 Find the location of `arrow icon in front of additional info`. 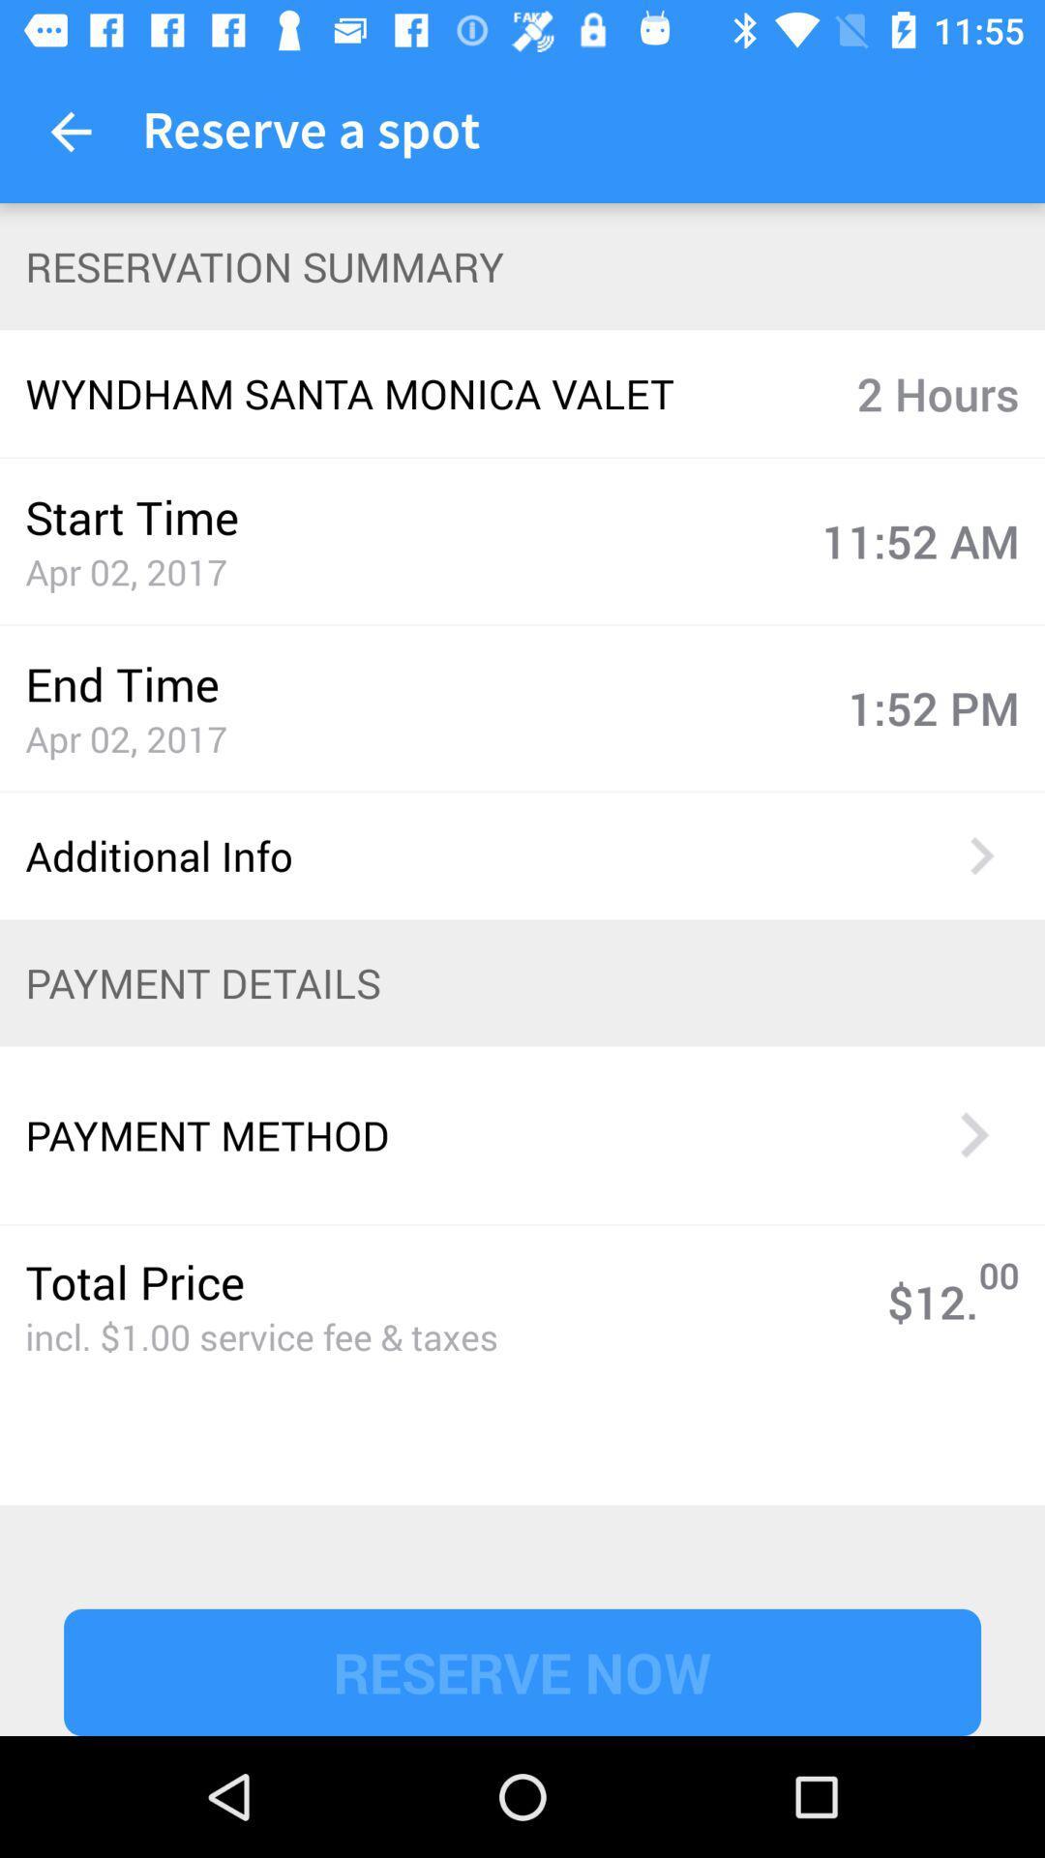

arrow icon in front of additional info is located at coordinates (981, 854).